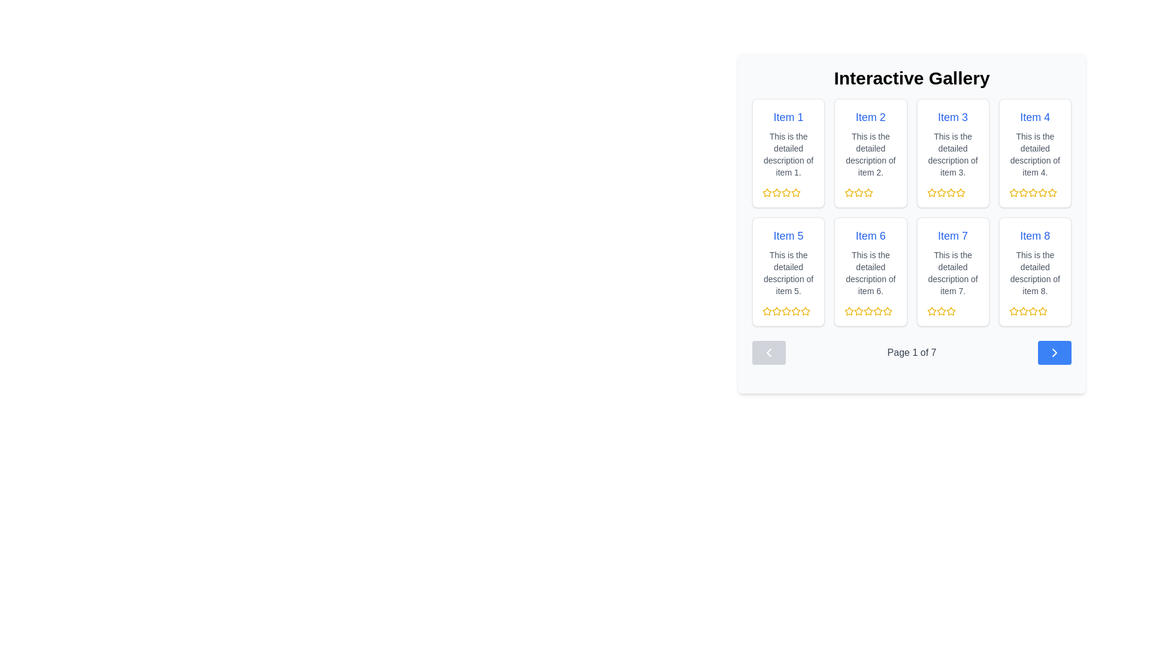 The width and height of the screenshot is (1150, 647). Describe the element at coordinates (1032, 192) in the screenshot. I see `the fourth star icon` at that location.